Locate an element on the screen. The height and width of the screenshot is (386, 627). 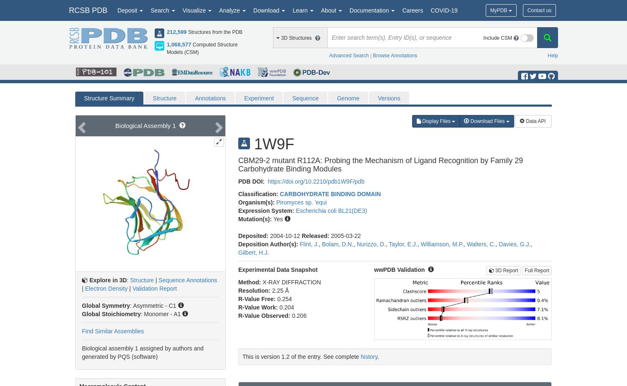
'Organism(s):' is located at coordinates (257, 202).